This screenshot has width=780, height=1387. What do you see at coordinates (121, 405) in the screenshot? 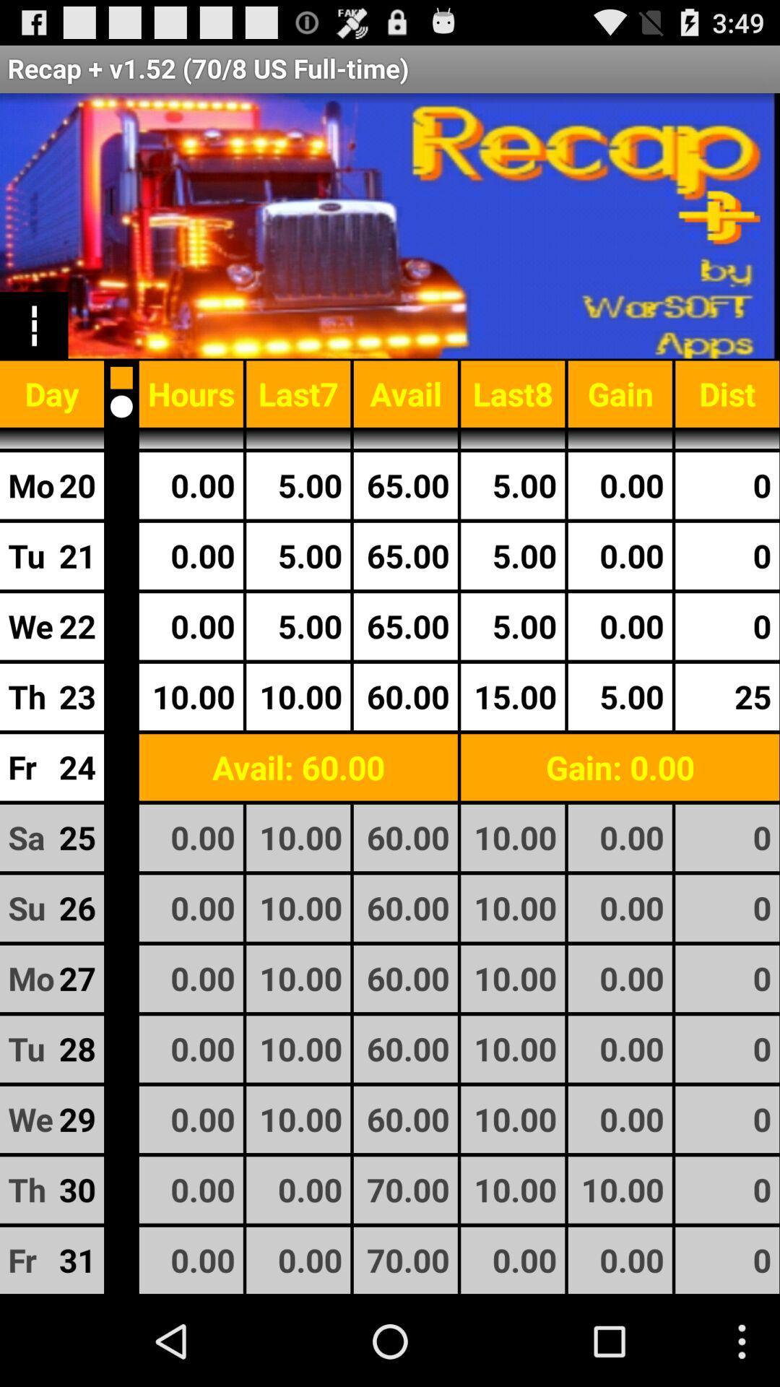
I see `cal under page` at bounding box center [121, 405].